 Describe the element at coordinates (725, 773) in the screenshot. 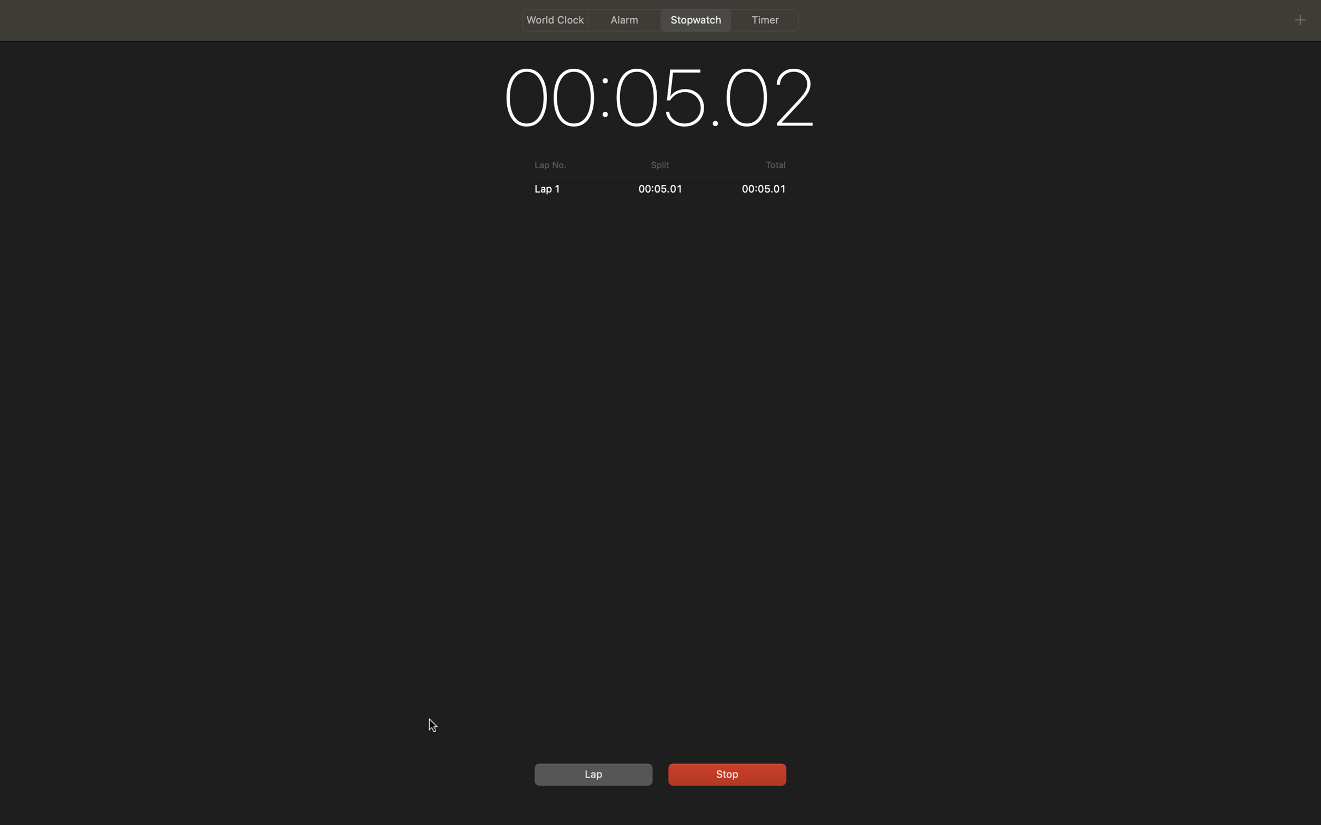

I see `Terminate the current stopwatch session and then reset the device to zero` at that location.